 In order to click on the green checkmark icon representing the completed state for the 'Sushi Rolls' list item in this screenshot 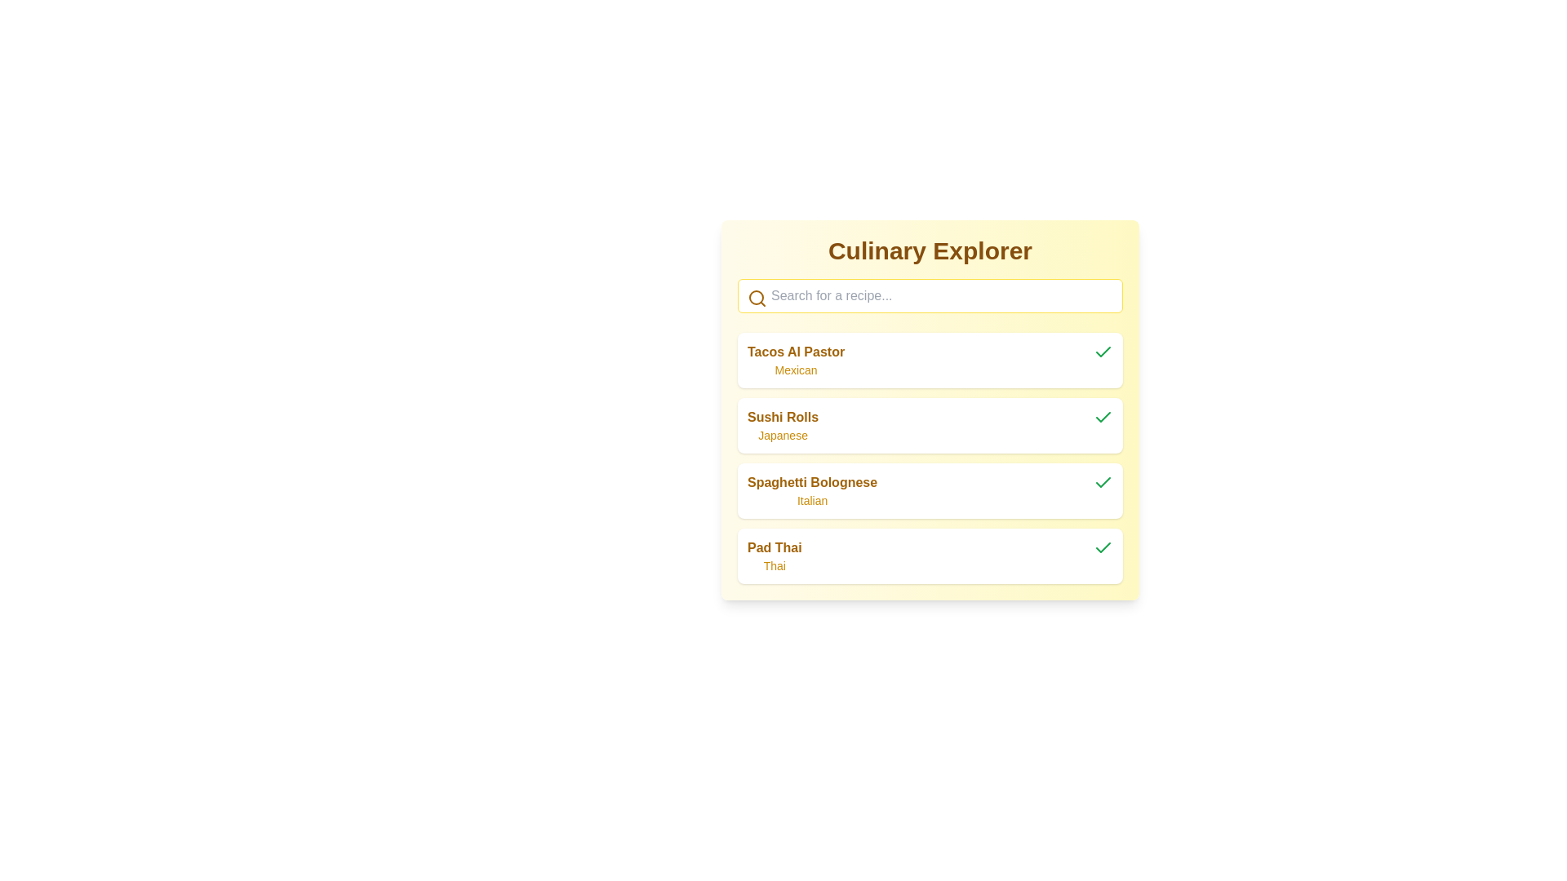, I will do `click(1103, 416)`.